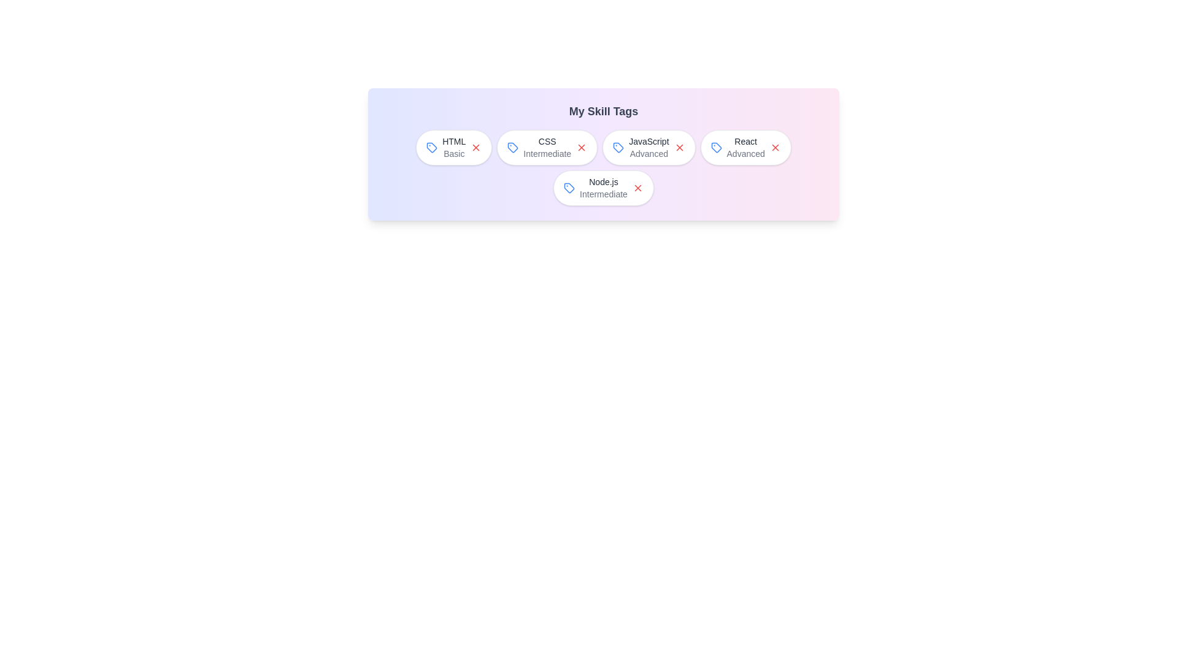  Describe the element at coordinates (637, 188) in the screenshot. I see `close button of the skill tag with label Node.js` at that location.